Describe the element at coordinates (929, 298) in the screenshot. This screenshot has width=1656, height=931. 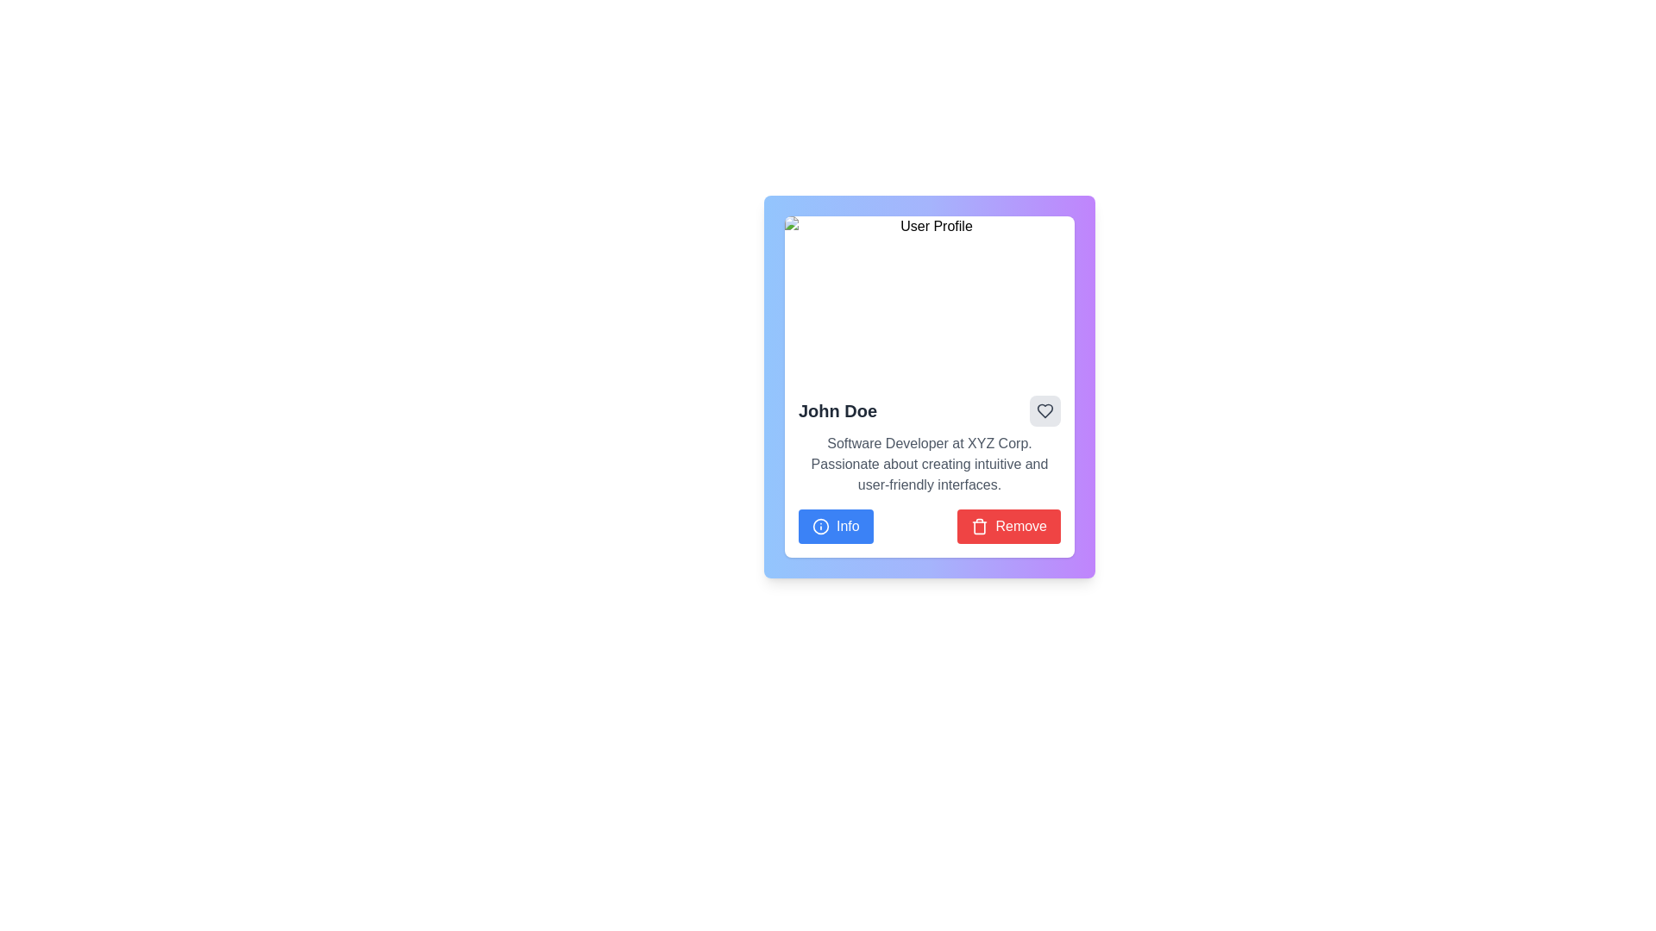
I see `the image placeholder for the user's profile located at the upper segment of the profile card` at that location.